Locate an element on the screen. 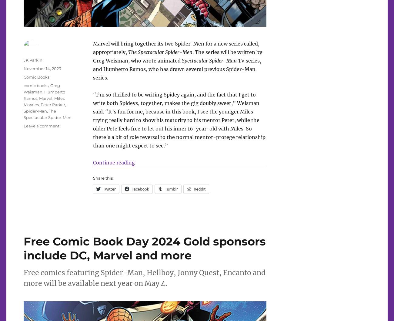 This screenshot has height=321, width=394. 'Spectacular Spider-Man' is located at coordinates (209, 60).